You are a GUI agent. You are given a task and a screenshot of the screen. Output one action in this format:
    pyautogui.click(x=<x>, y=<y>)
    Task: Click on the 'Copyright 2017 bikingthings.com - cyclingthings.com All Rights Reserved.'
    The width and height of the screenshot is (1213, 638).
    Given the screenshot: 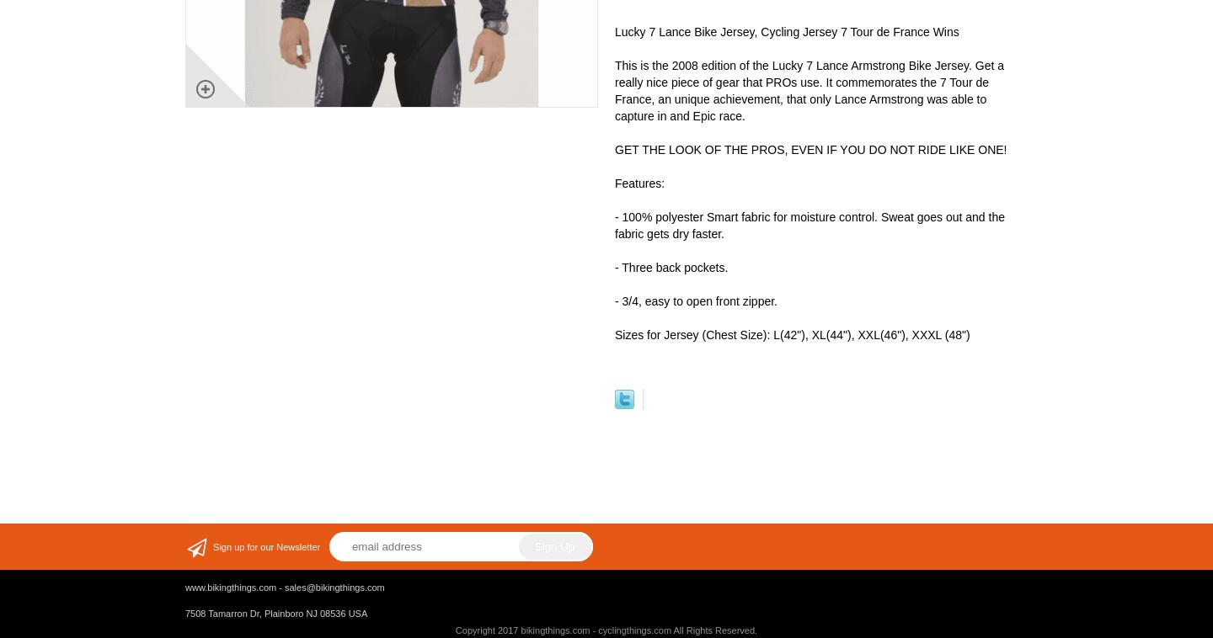 What is the action you would take?
    pyautogui.click(x=606, y=630)
    